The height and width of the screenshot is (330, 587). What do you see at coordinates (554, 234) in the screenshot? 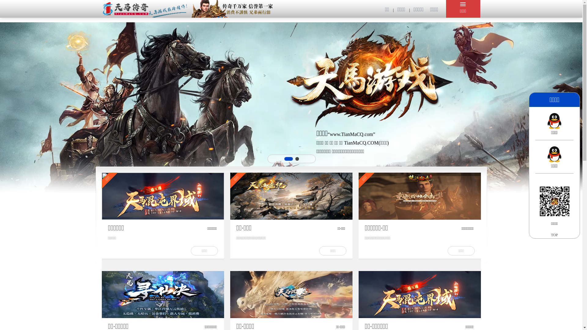
I see `'TOP'` at bounding box center [554, 234].